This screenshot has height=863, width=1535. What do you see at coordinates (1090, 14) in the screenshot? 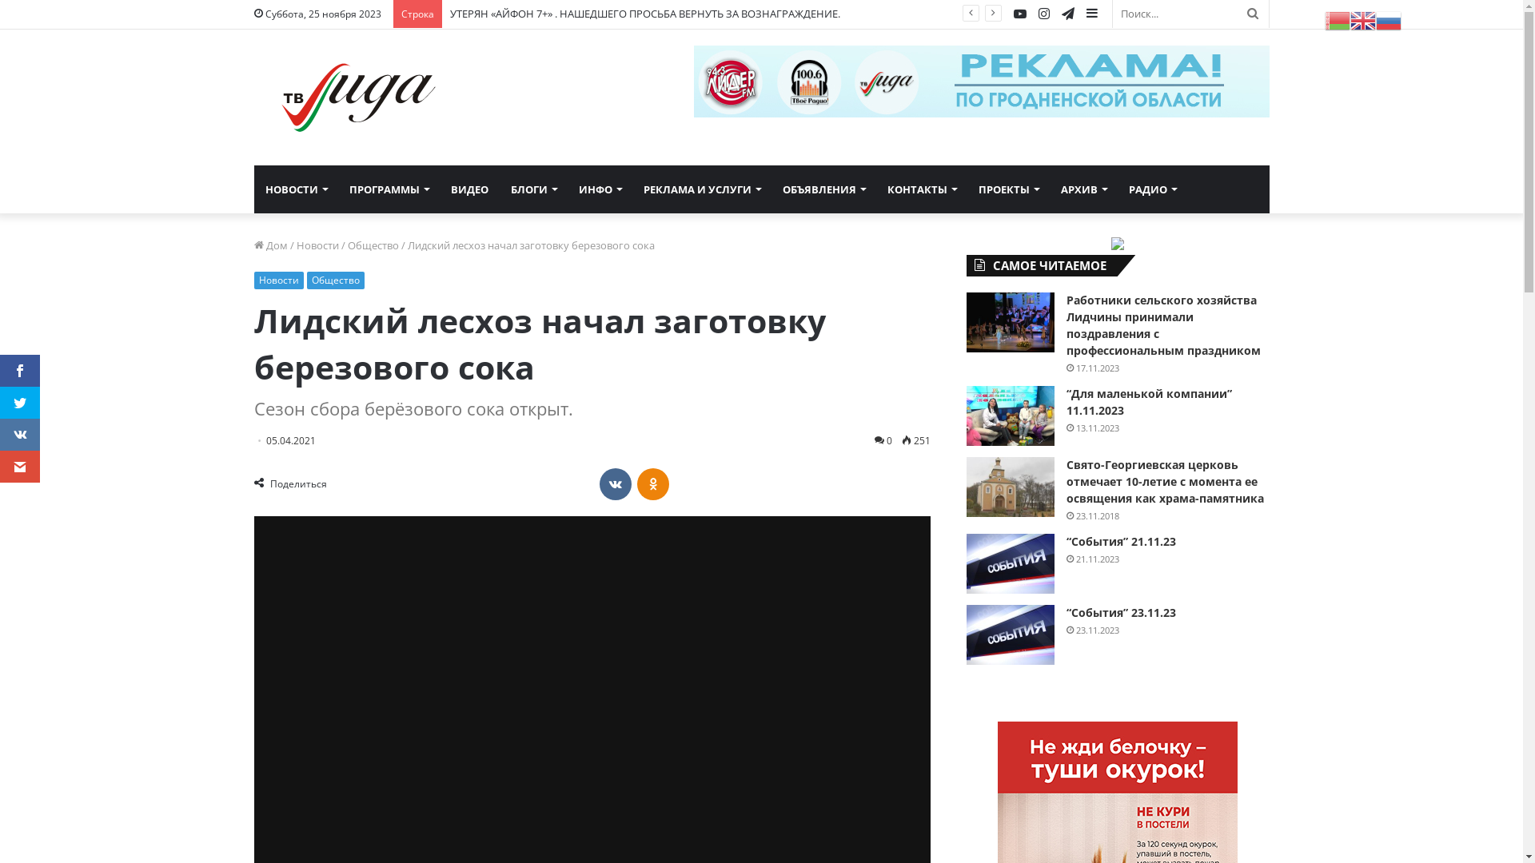
I see `'Sidebar'` at bounding box center [1090, 14].